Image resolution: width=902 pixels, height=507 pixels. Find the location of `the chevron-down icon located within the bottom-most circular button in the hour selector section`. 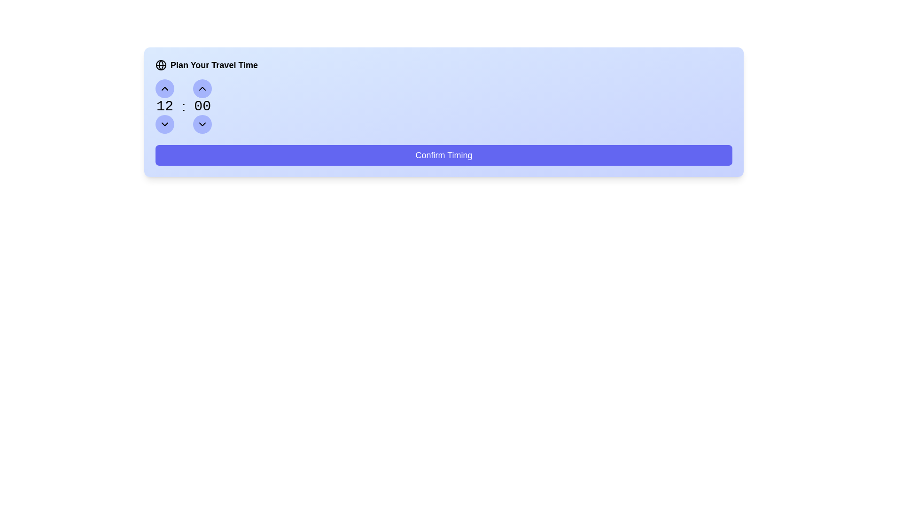

the chevron-down icon located within the bottom-most circular button in the hour selector section is located at coordinates (202, 124).